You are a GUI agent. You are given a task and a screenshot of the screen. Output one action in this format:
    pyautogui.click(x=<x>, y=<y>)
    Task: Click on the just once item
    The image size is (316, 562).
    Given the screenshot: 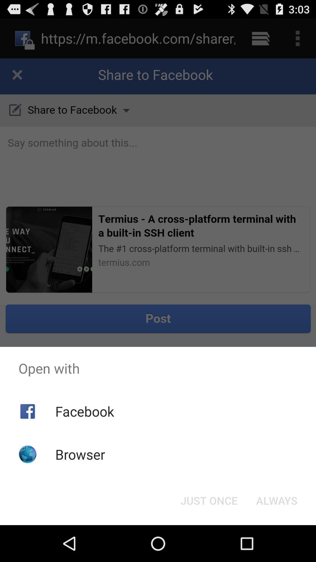 What is the action you would take?
    pyautogui.click(x=209, y=500)
    